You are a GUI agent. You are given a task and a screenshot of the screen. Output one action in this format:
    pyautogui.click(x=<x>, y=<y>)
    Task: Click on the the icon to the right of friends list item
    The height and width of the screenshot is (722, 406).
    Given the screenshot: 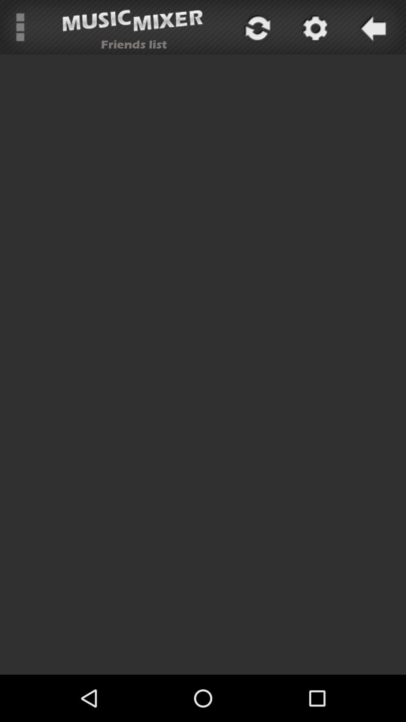 What is the action you would take?
    pyautogui.click(x=256, y=27)
    